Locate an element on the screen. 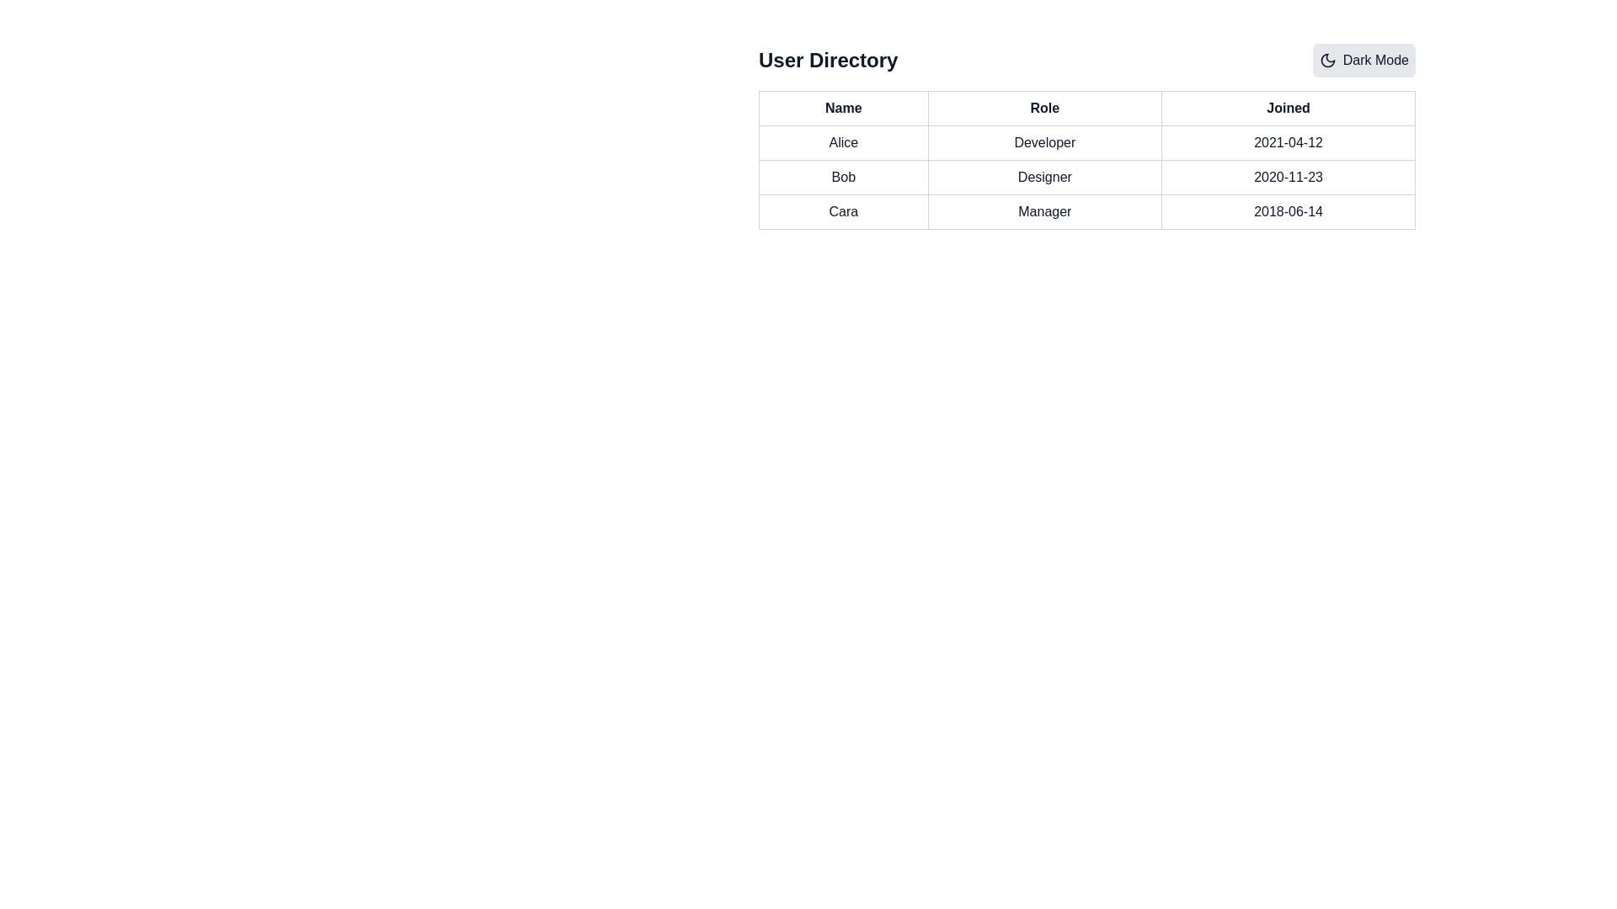 The image size is (1617, 909). the dark mode toggle icon located on the left side of the 'Dark Mode' button in the upper-right corner of the page is located at coordinates (1326, 60).